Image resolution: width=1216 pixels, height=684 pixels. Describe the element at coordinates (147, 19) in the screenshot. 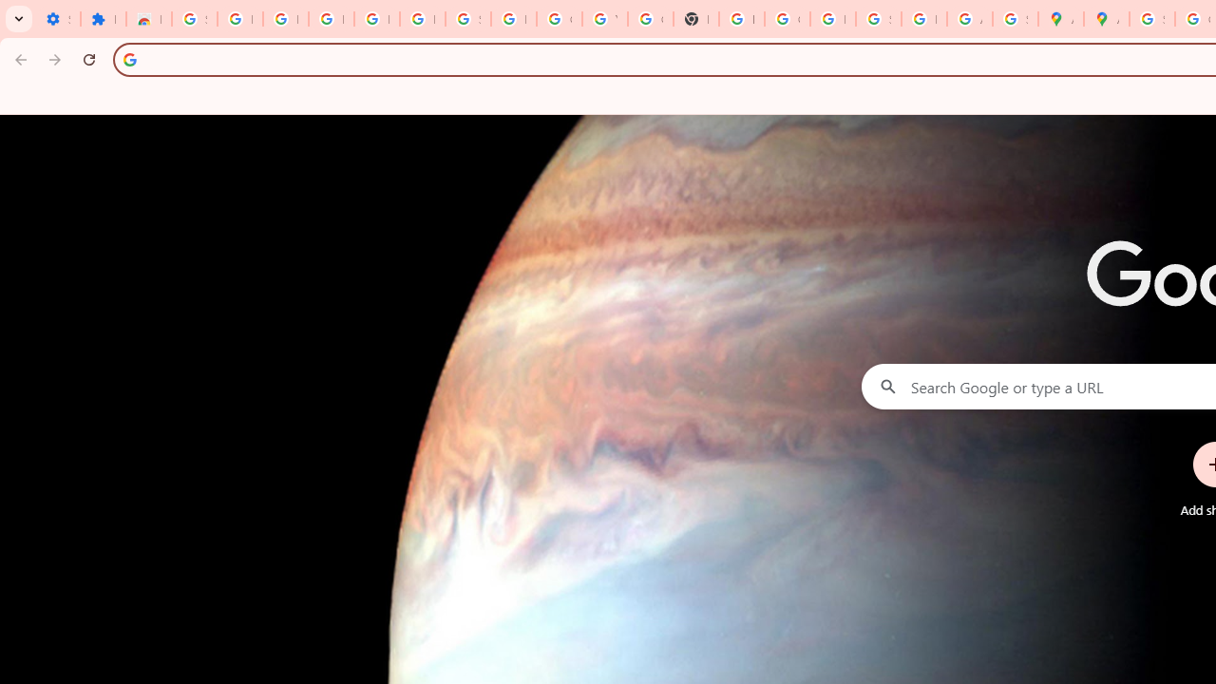

I see `'Reviews: Helix Fruit Jump Arcade Game'` at that location.